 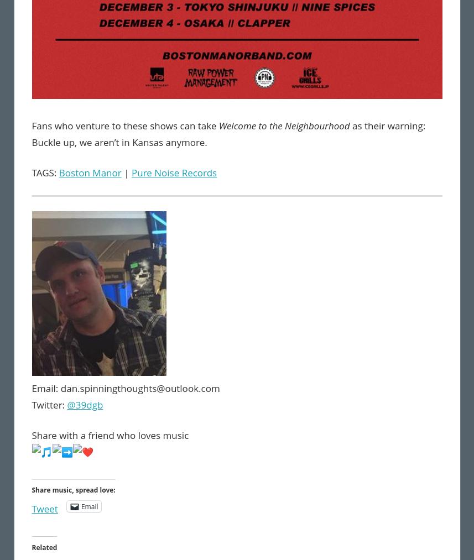 What do you see at coordinates (66, 405) in the screenshot?
I see `'@39dgb'` at bounding box center [66, 405].